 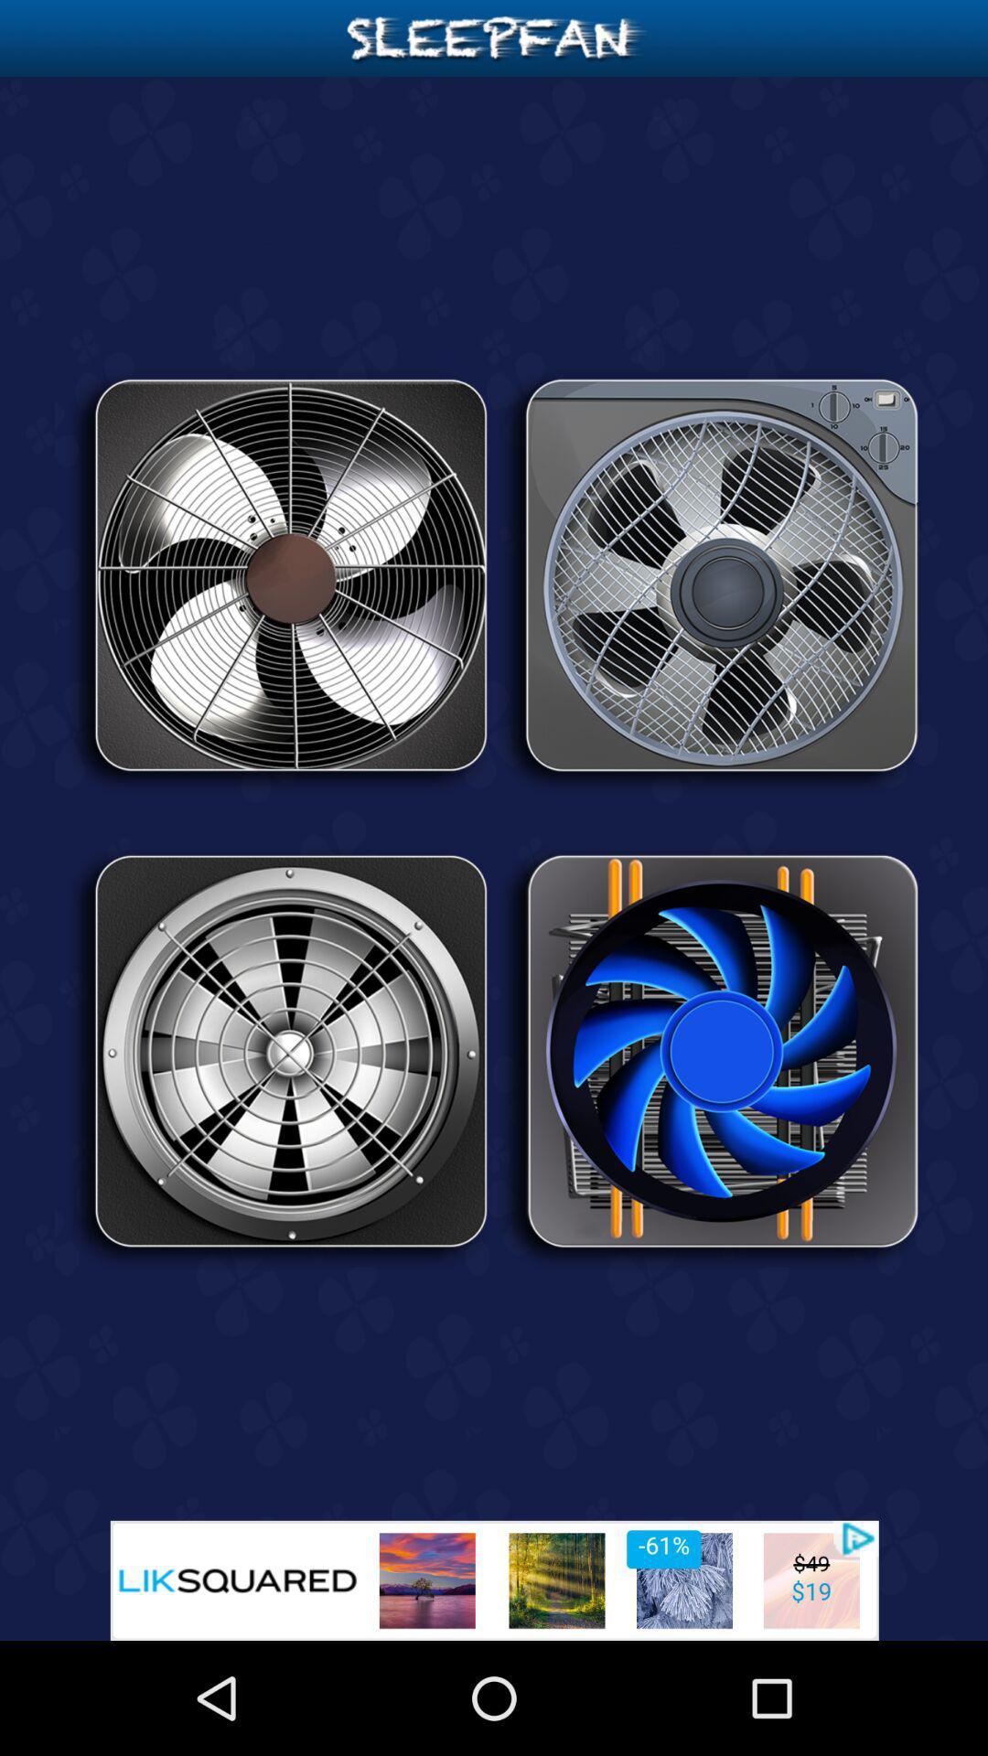 I want to click on advertisements, so click(x=494, y=1579).